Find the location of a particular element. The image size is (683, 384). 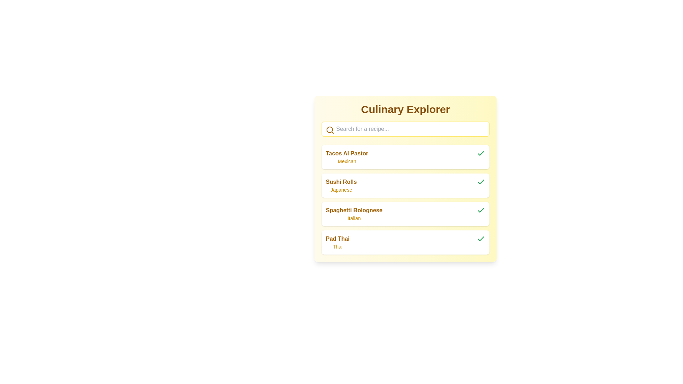

the label displaying the word 'Mexican', which is a smaller, yellow-toned font located under the title 'Tacos Al Pastor' in the list item interface is located at coordinates (347, 161).